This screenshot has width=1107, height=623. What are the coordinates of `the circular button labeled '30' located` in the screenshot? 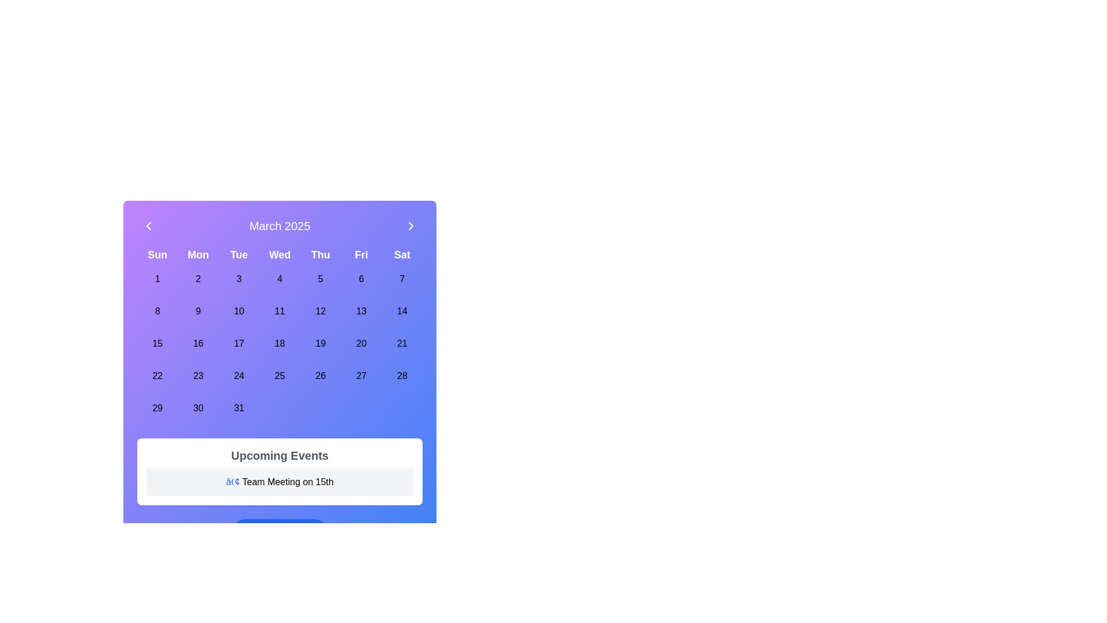 It's located at (198, 408).